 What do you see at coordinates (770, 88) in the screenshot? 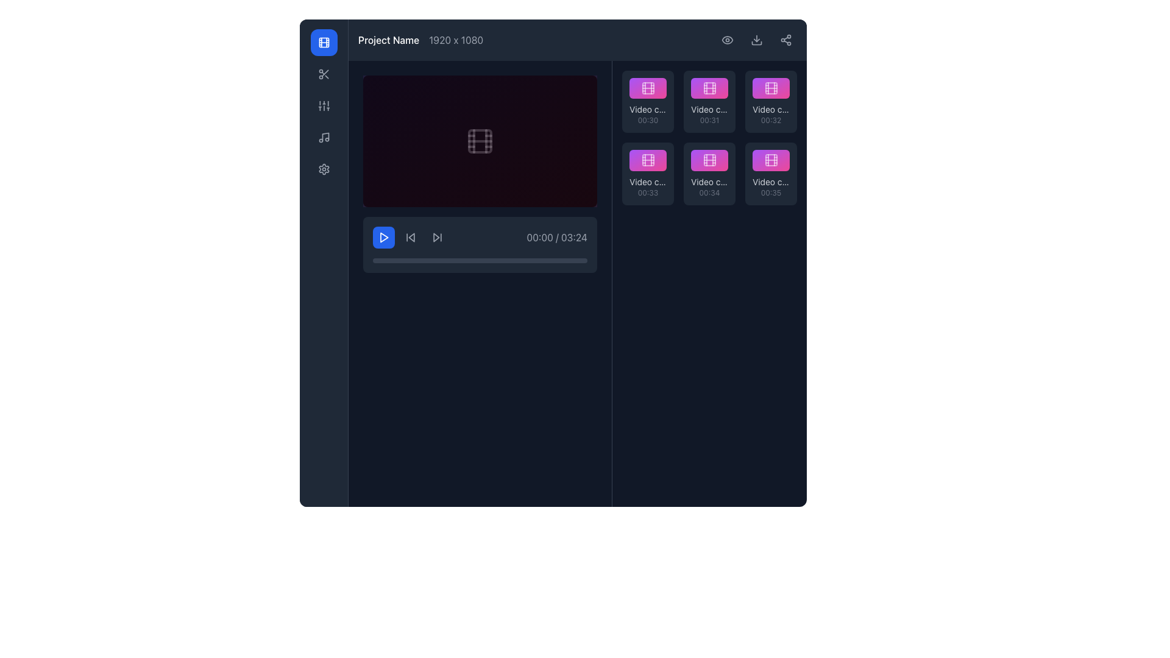
I see `the thumbnail preview located in the upper right section of the interface` at bounding box center [770, 88].